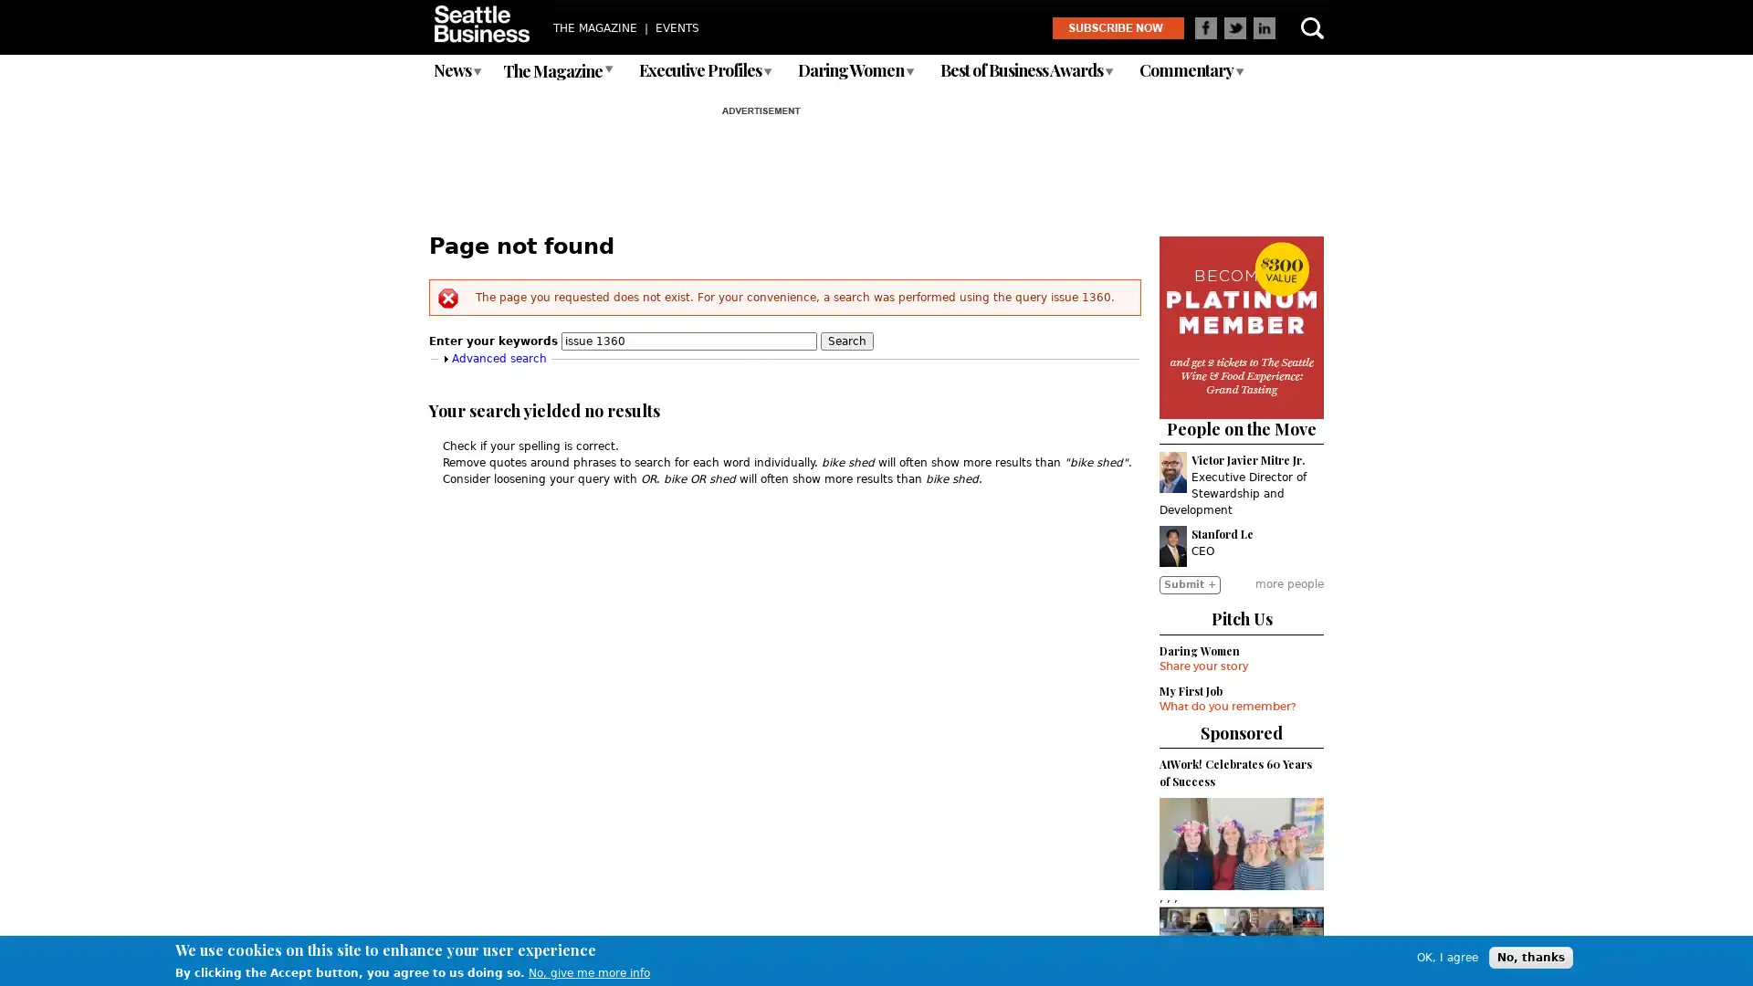  I want to click on No, give me more info, so click(589, 971).